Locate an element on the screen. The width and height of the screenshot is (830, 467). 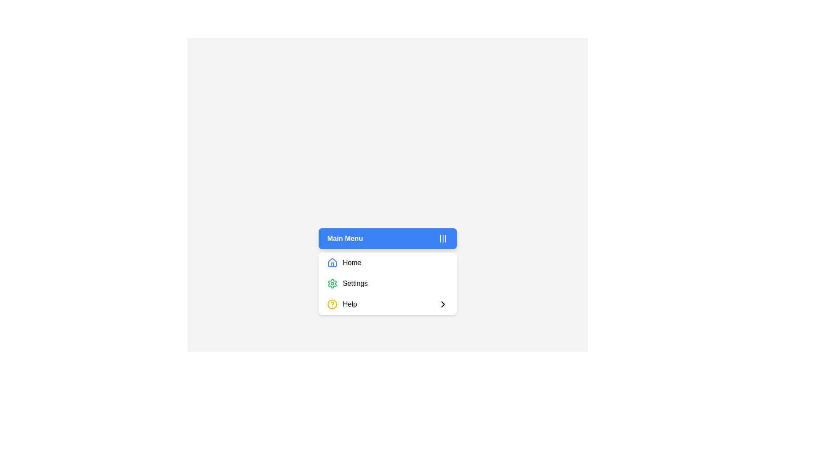
the right-facing chevron arrow icon associated with the 'Help' menu is located at coordinates (443, 304).